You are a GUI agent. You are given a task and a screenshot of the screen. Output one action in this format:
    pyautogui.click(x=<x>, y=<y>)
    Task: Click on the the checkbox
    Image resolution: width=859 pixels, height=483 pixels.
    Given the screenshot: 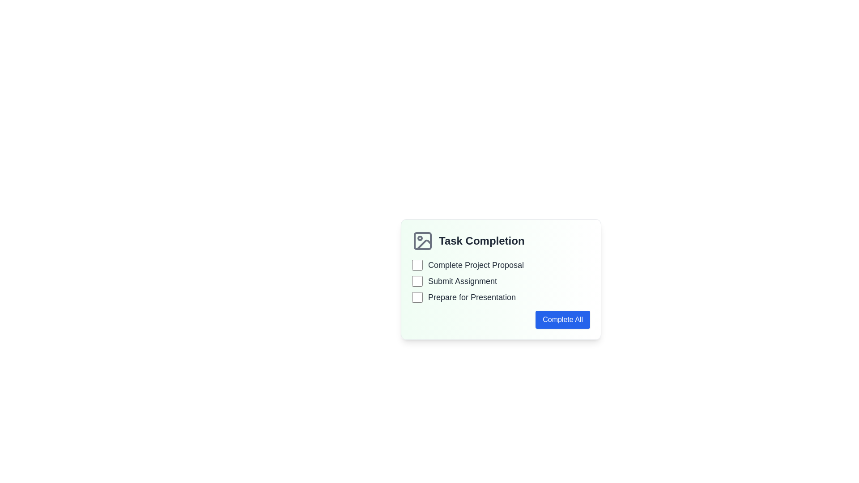 What is the action you would take?
    pyautogui.click(x=417, y=297)
    